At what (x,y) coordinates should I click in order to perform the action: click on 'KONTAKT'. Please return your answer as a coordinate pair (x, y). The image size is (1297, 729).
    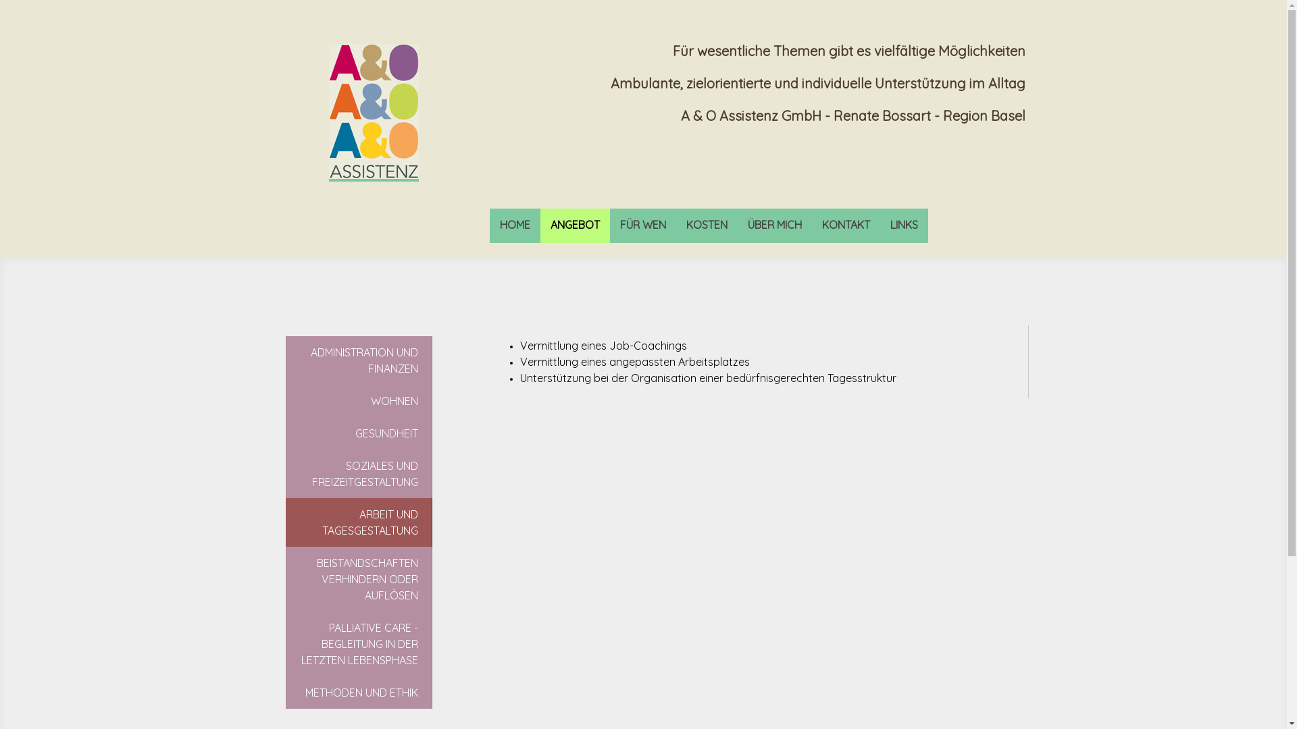
    Looking at the image, I should click on (845, 225).